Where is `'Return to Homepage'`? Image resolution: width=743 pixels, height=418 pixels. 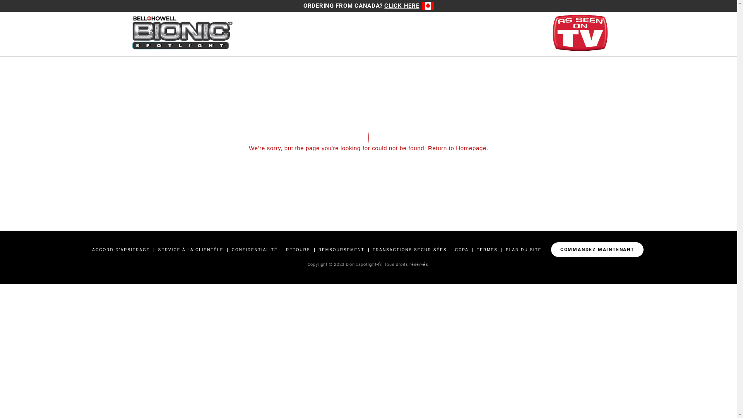 'Return to Homepage' is located at coordinates (457, 148).